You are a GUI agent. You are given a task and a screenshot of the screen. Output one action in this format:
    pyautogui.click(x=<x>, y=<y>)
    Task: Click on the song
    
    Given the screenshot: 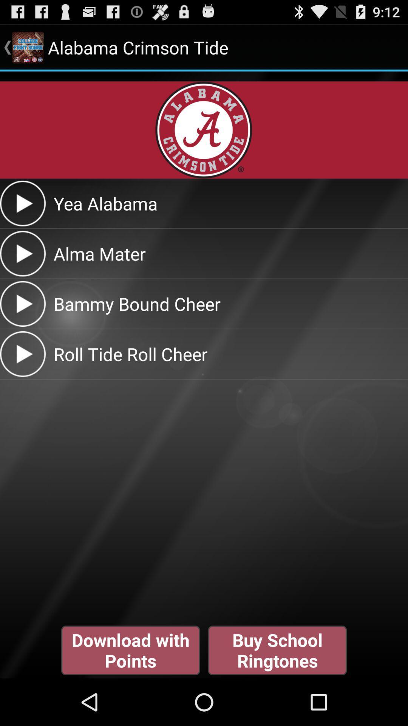 What is the action you would take?
    pyautogui.click(x=22, y=253)
    